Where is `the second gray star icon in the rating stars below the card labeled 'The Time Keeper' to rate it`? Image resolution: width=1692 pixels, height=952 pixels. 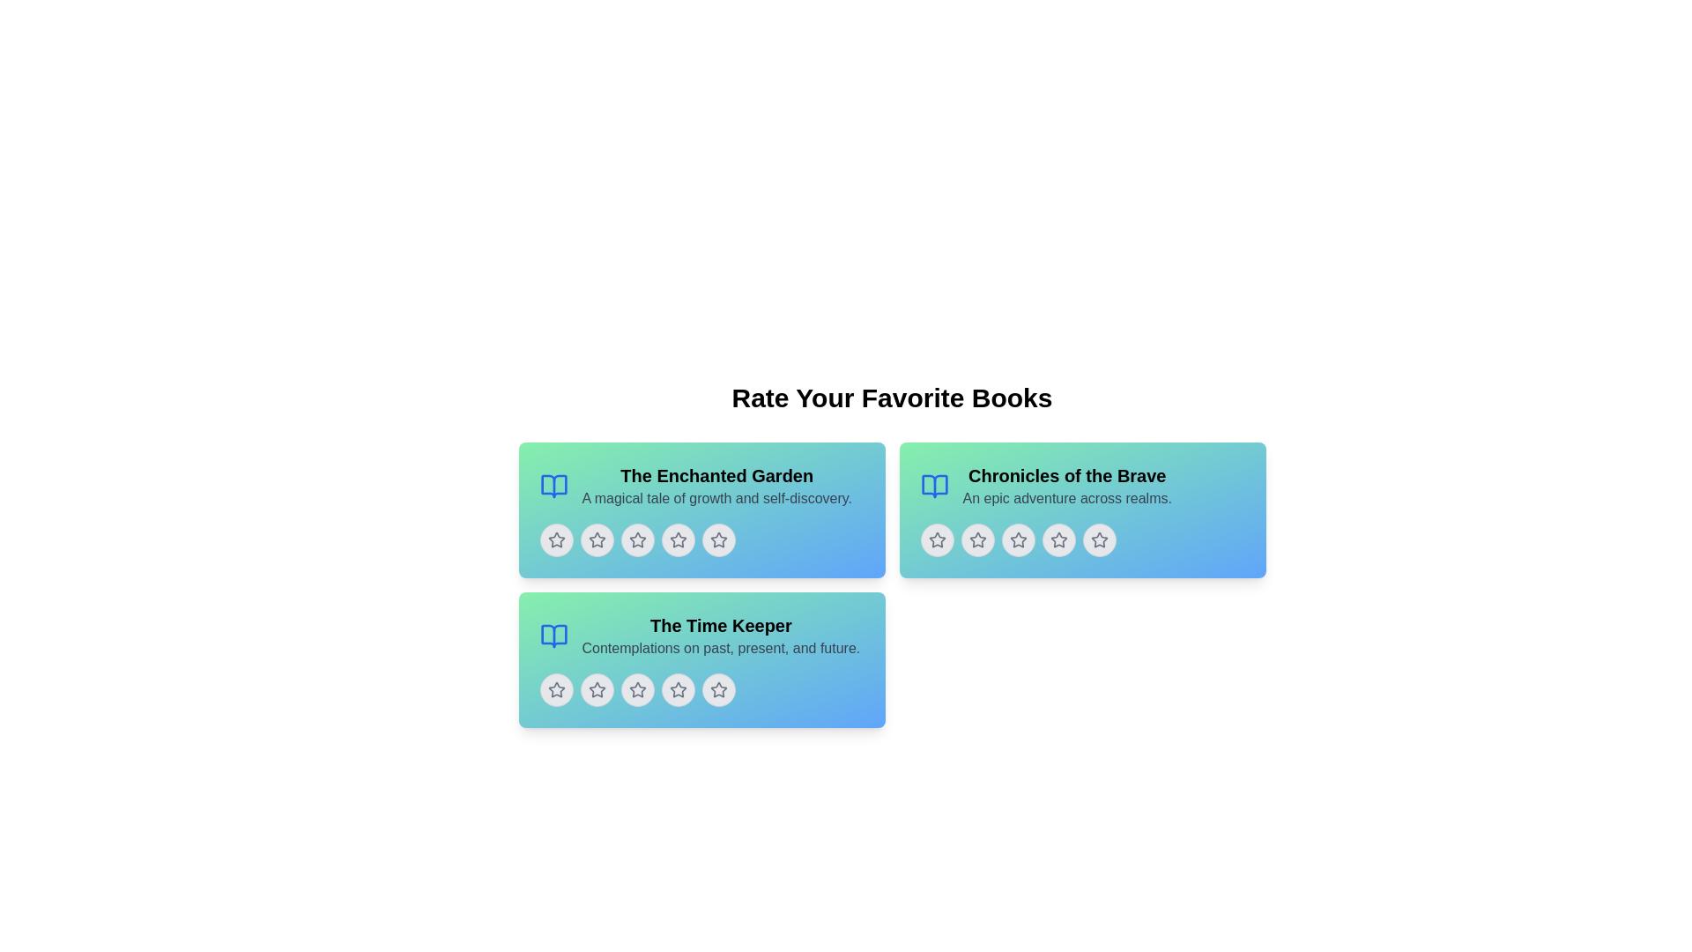 the second gray star icon in the rating stars below the card labeled 'The Time Keeper' to rate it is located at coordinates (597, 688).